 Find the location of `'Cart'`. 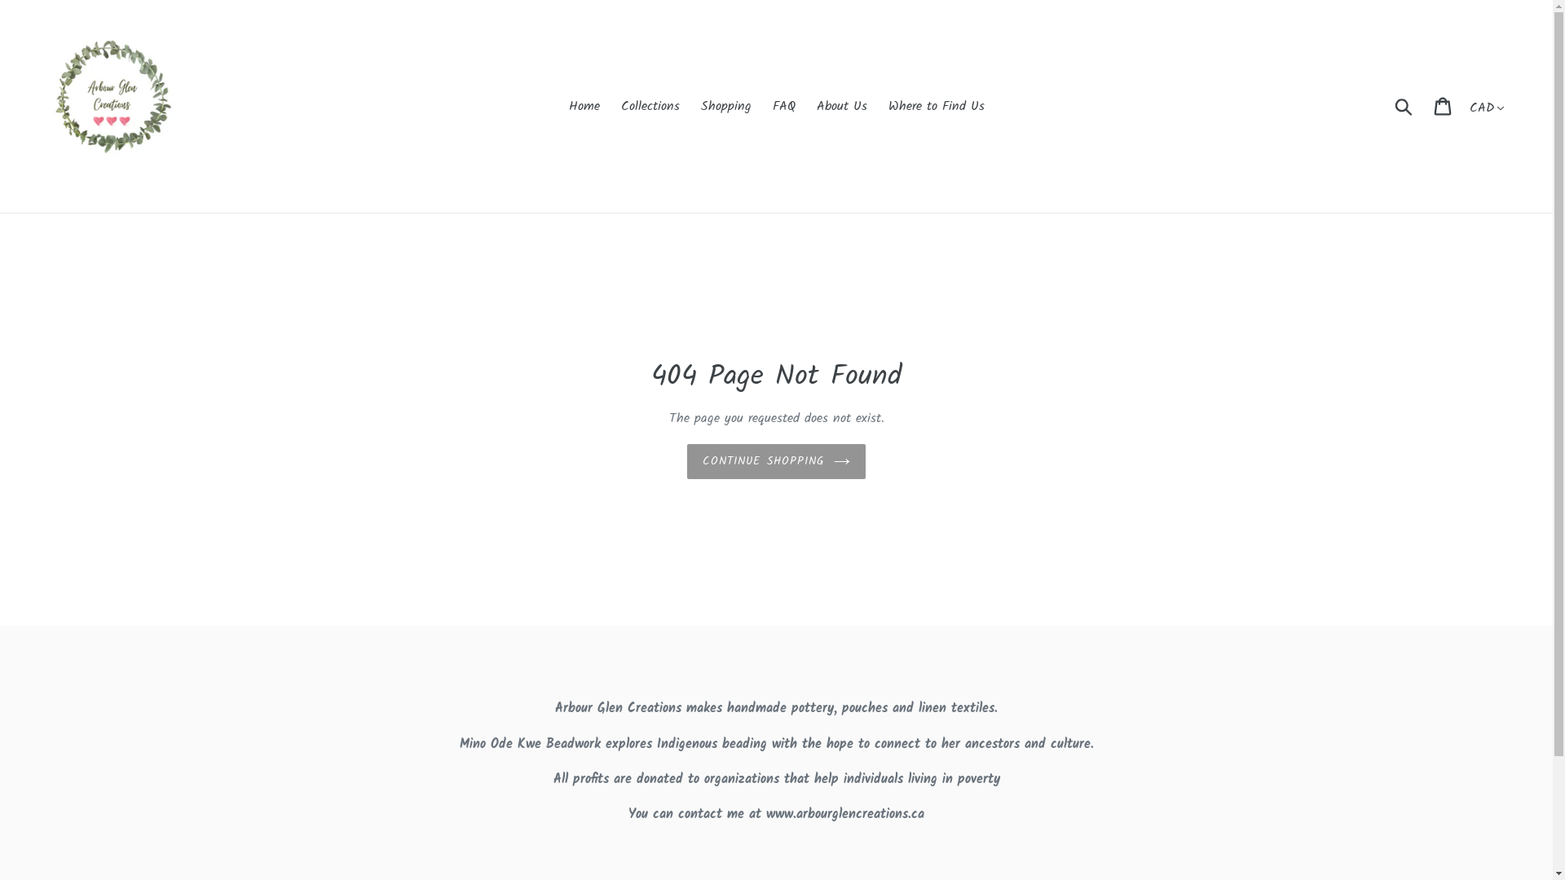

'Cart' is located at coordinates (1444, 106).